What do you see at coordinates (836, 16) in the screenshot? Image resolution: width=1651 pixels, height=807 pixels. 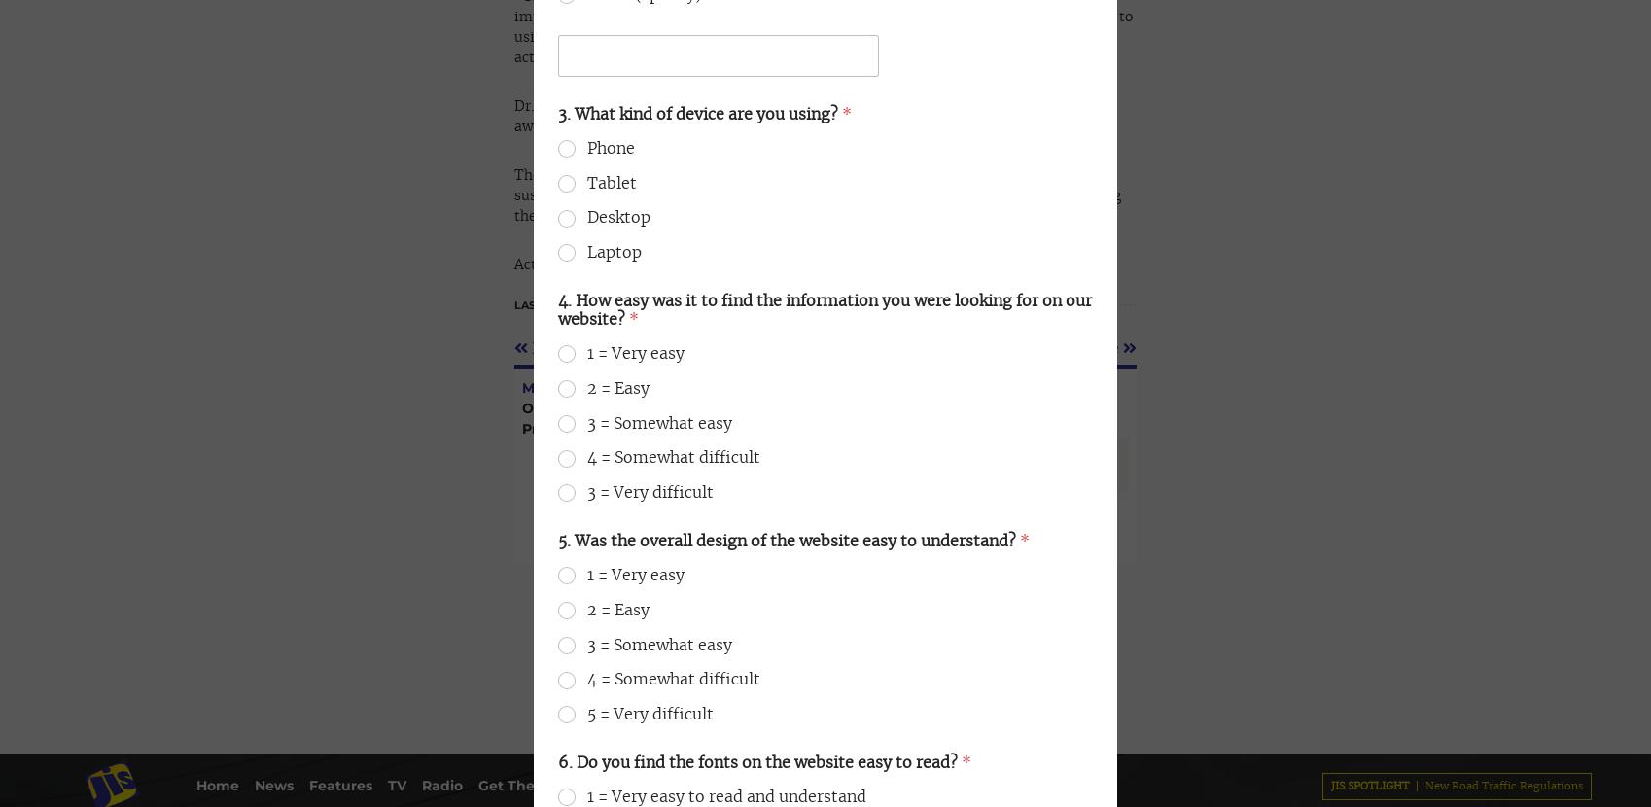 I see `'876-926-3740-6'` at bounding box center [836, 16].